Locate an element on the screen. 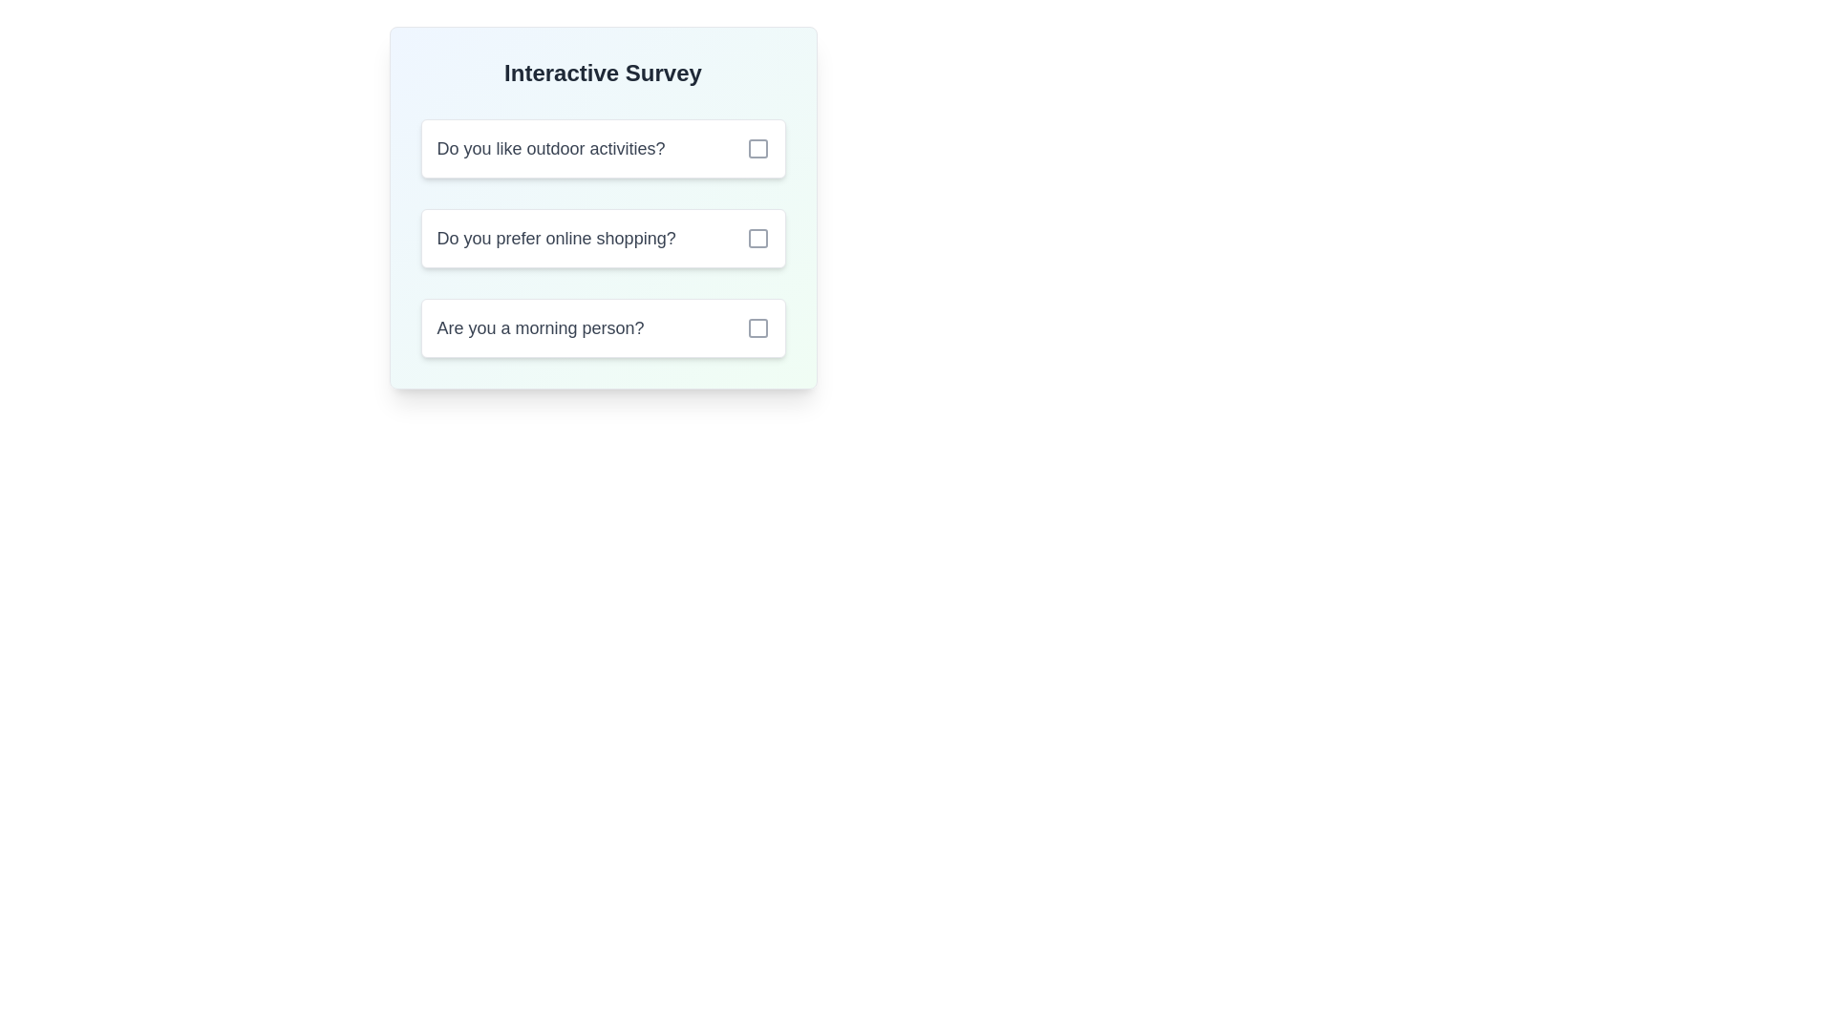  the checkbox indicator for the question 'Do you like outdoor activities?' is located at coordinates (757, 147).